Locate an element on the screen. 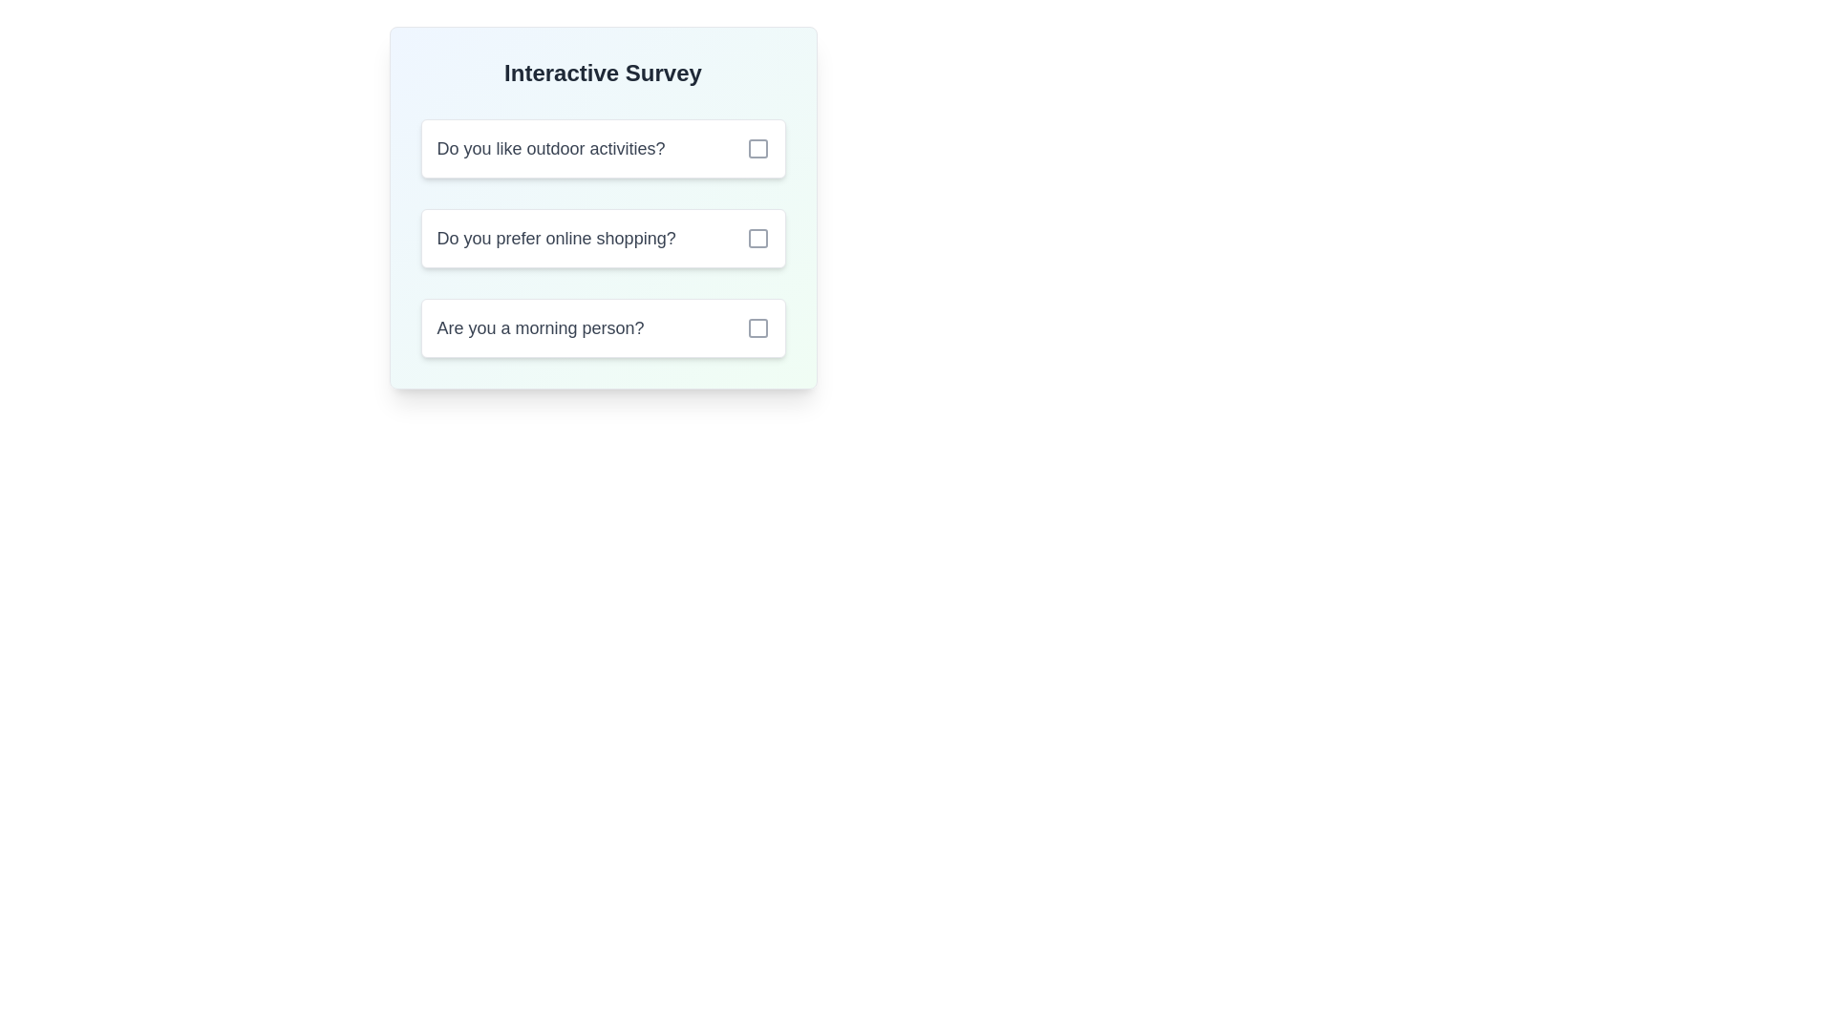  the checkbox indicator for the question 'Do you like outdoor activities?' is located at coordinates (757, 147).